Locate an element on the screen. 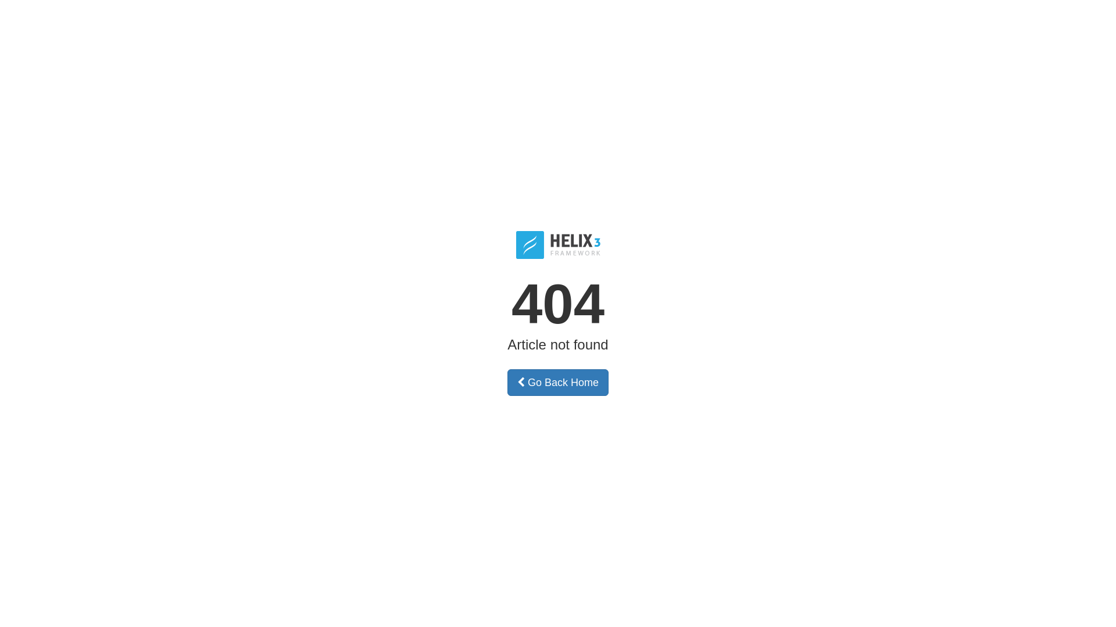 The height and width of the screenshot is (627, 1116). 'Go Back Home' is located at coordinates (558, 383).